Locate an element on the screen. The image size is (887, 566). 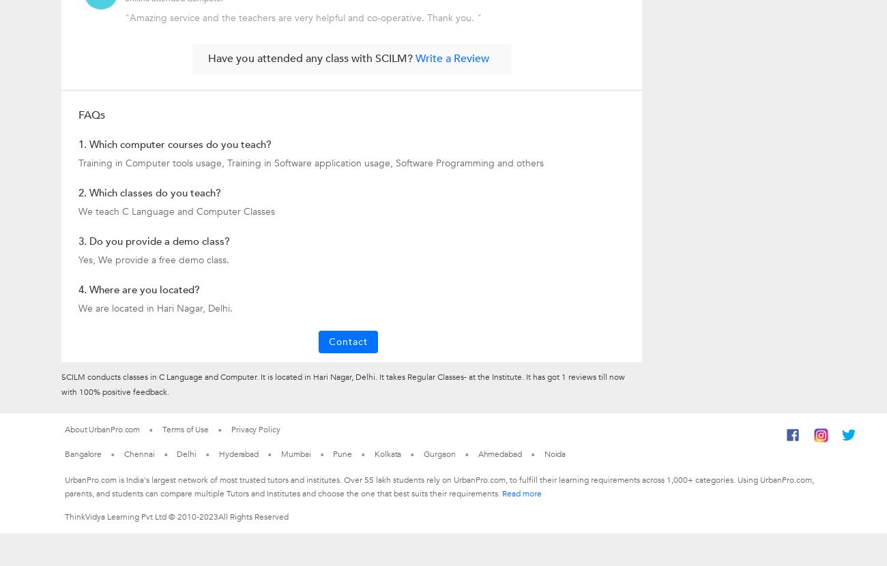
'Delhi' is located at coordinates (186, 453).